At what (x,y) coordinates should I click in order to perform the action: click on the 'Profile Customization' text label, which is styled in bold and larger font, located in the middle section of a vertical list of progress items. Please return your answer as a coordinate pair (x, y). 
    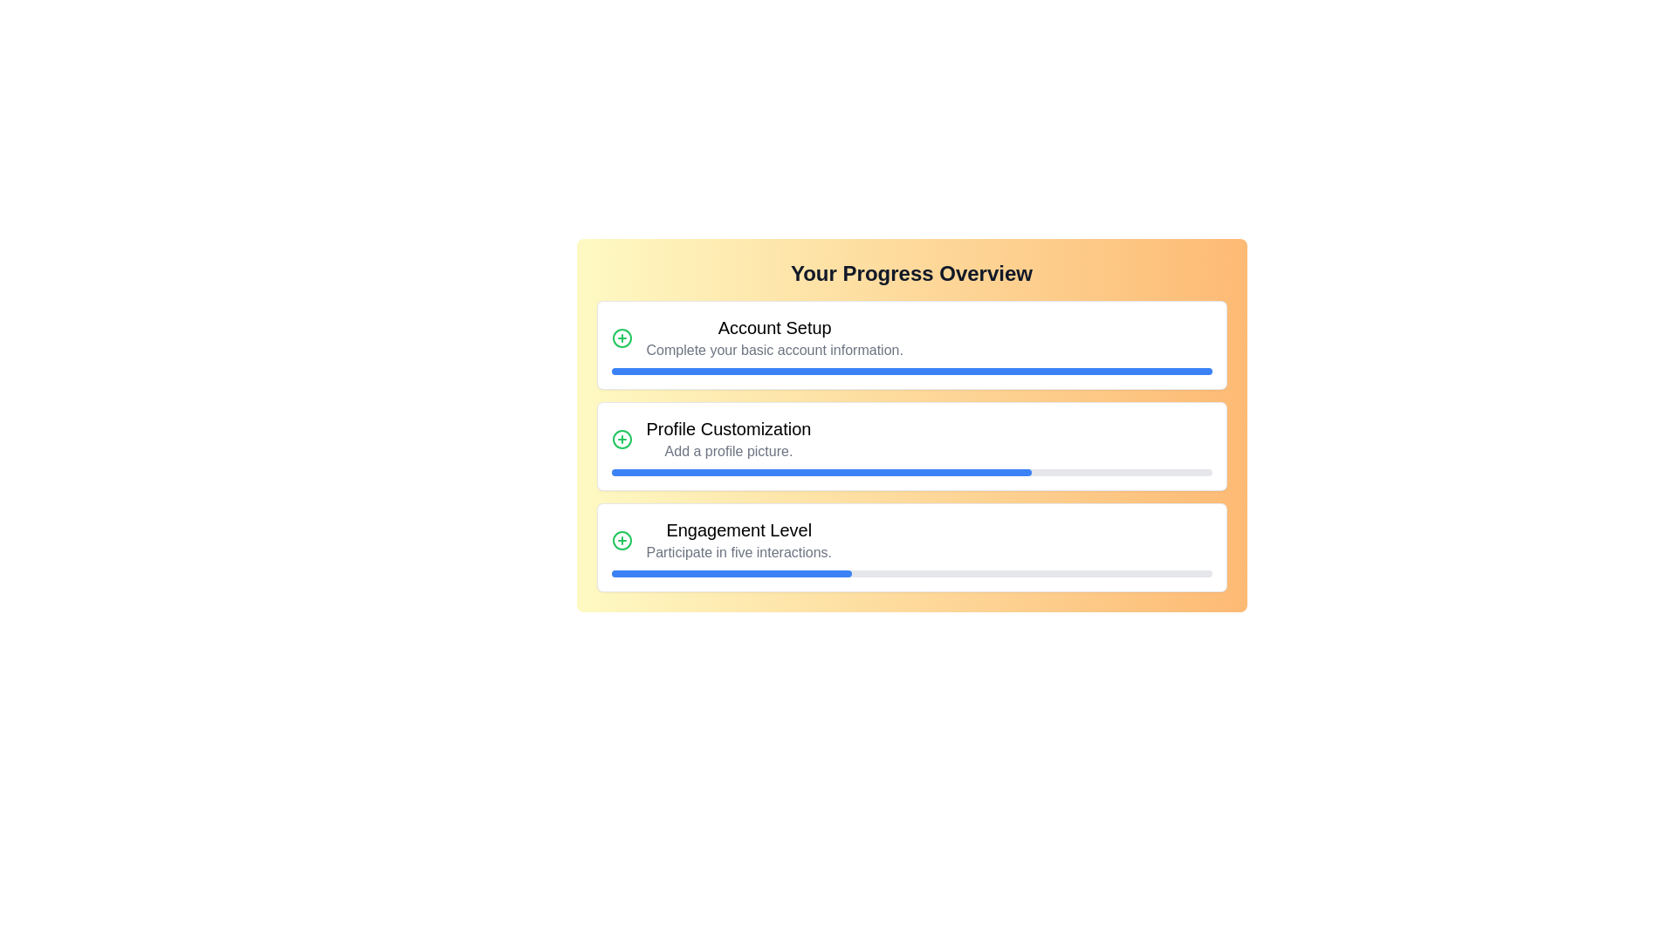
    Looking at the image, I should click on (729, 429).